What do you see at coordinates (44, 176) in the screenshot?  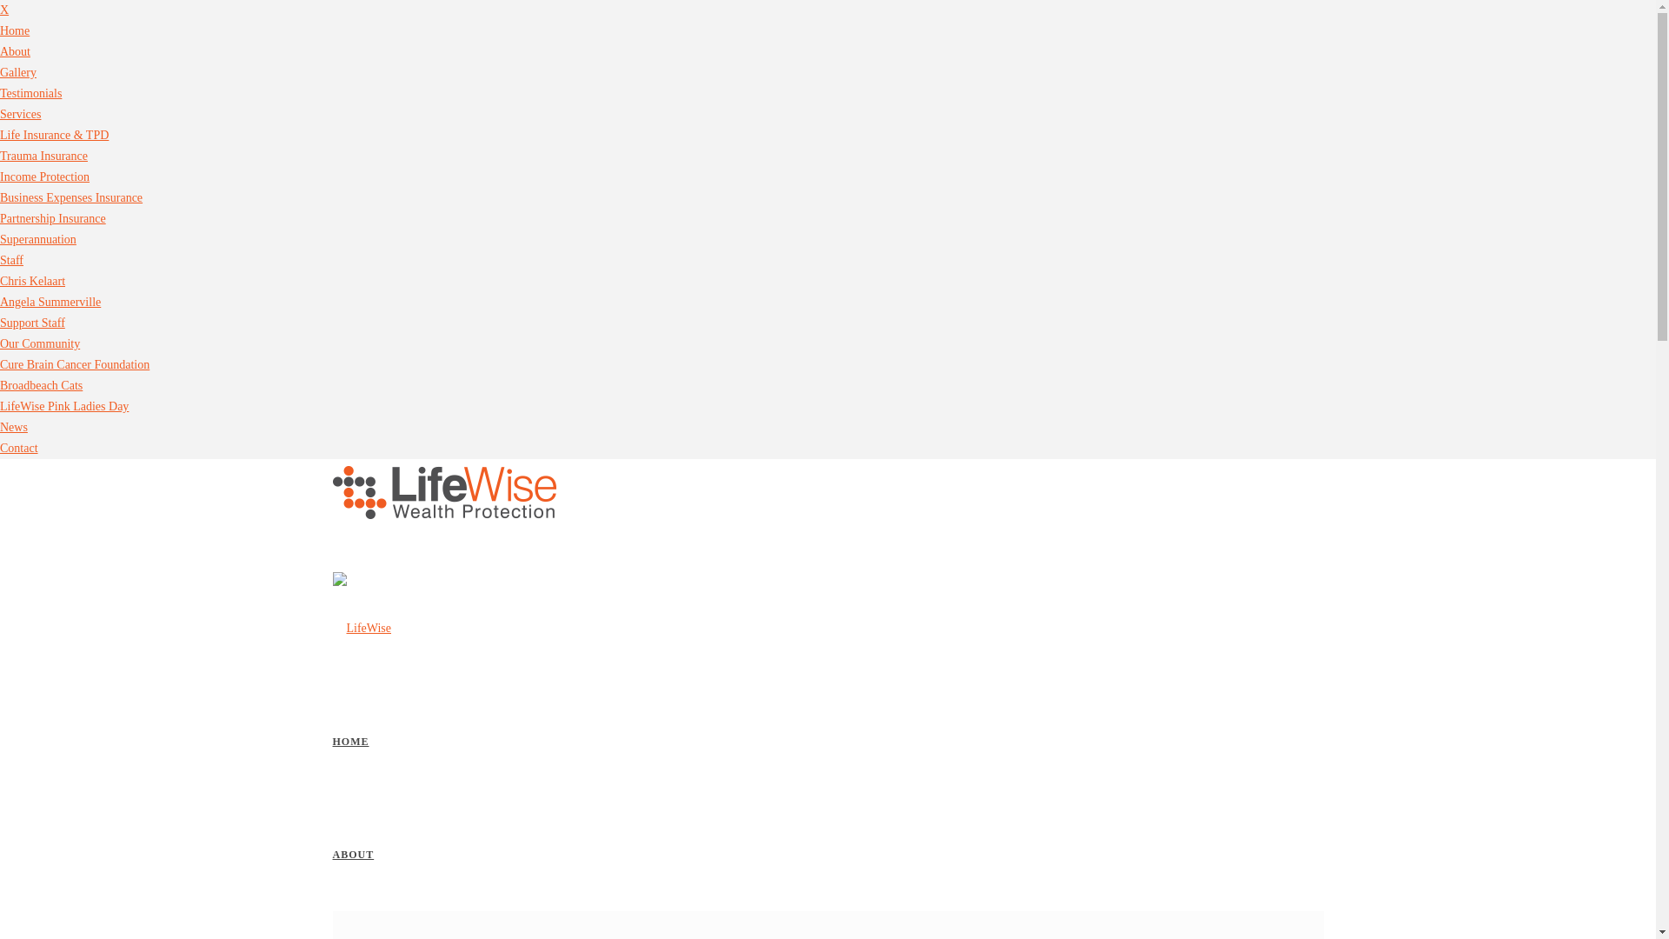 I see `'Income Protection'` at bounding box center [44, 176].